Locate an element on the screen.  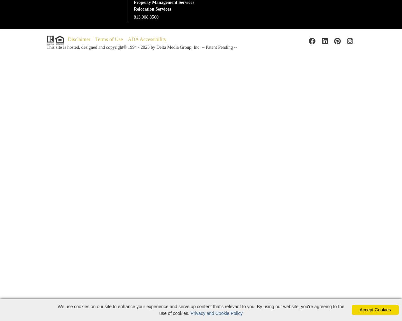
'Relocation Services' is located at coordinates (152, 9).